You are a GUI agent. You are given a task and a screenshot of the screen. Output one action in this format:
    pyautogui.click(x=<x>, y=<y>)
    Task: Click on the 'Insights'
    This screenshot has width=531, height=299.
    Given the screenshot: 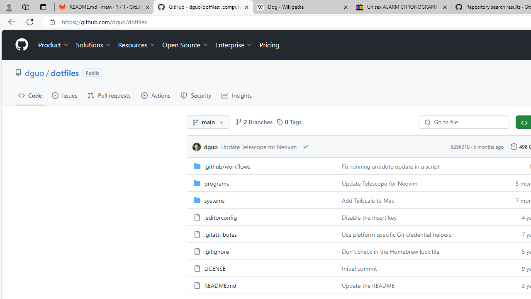 What is the action you would take?
    pyautogui.click(x=236, y=95)
    